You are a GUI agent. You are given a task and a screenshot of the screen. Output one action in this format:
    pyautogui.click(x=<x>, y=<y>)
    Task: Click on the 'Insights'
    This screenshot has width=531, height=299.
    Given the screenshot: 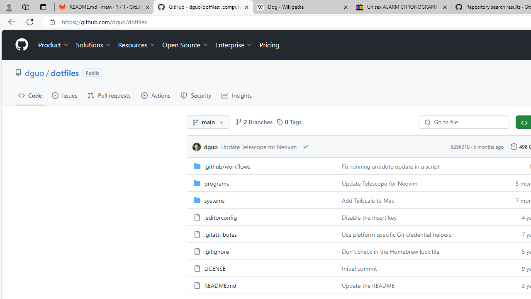 What is the action you would take?
    pyautogui.click(x=236, y=95)
    